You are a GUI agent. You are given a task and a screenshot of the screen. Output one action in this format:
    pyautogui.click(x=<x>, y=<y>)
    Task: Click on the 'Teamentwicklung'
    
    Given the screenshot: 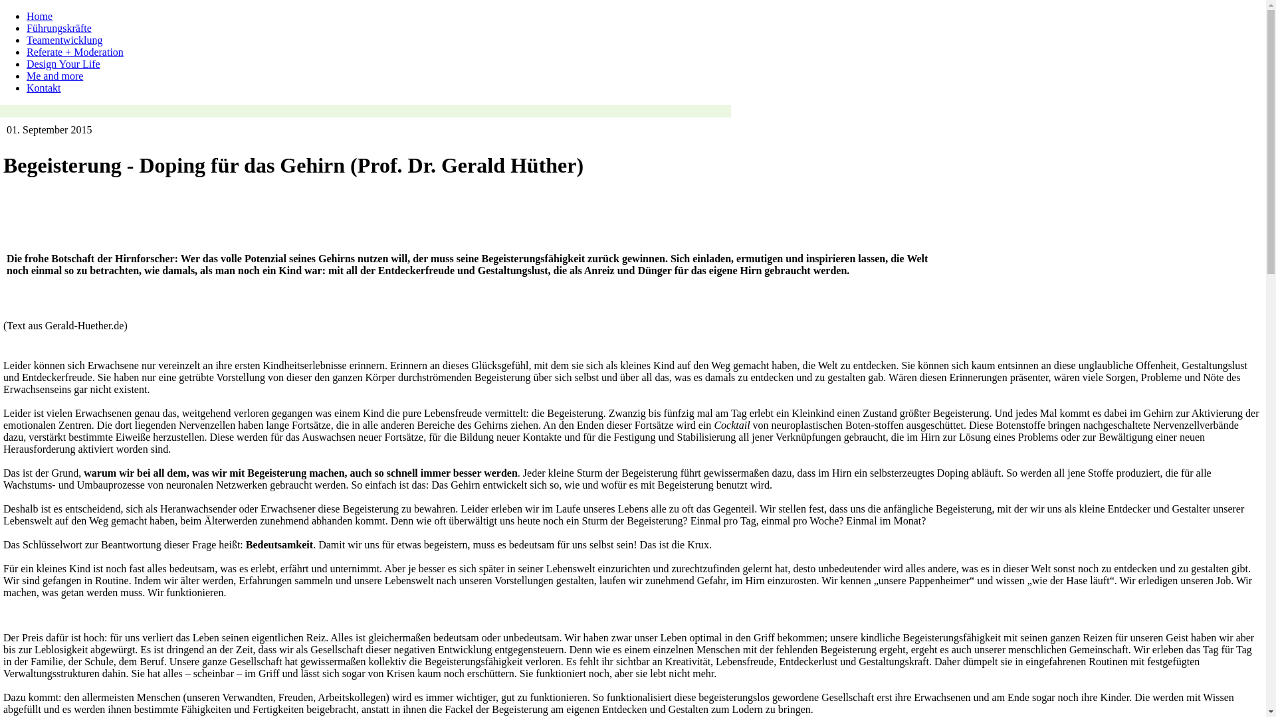 What is the action you would take?
    pyautogui.click(x=63, y=39)
    